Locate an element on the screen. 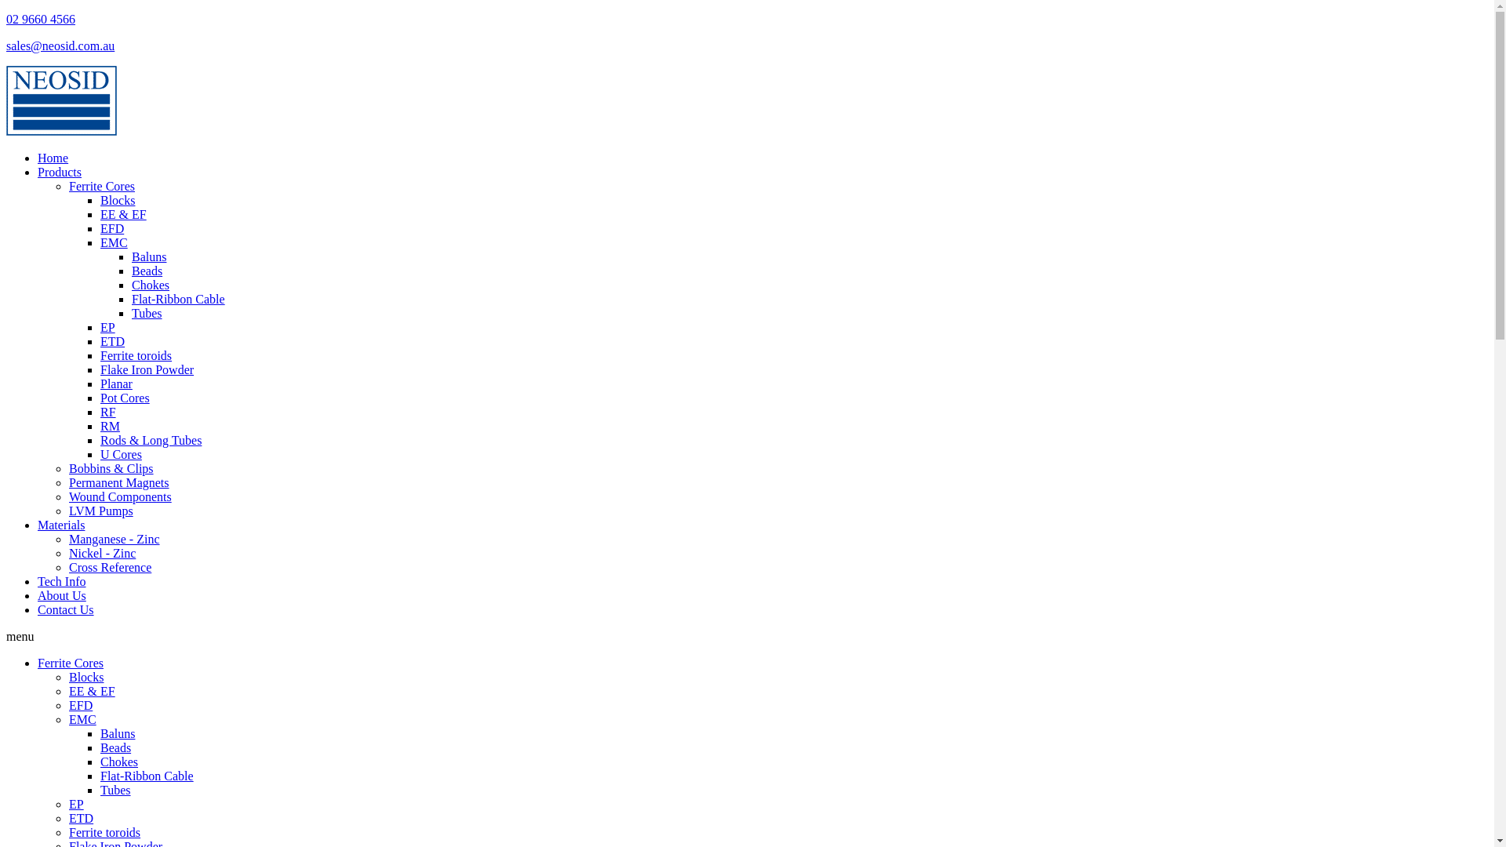  'EFD' is located at coordinates (111, 228).